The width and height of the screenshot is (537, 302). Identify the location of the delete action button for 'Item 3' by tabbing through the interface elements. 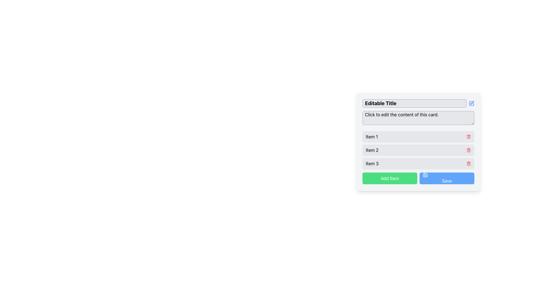
(468, 164).